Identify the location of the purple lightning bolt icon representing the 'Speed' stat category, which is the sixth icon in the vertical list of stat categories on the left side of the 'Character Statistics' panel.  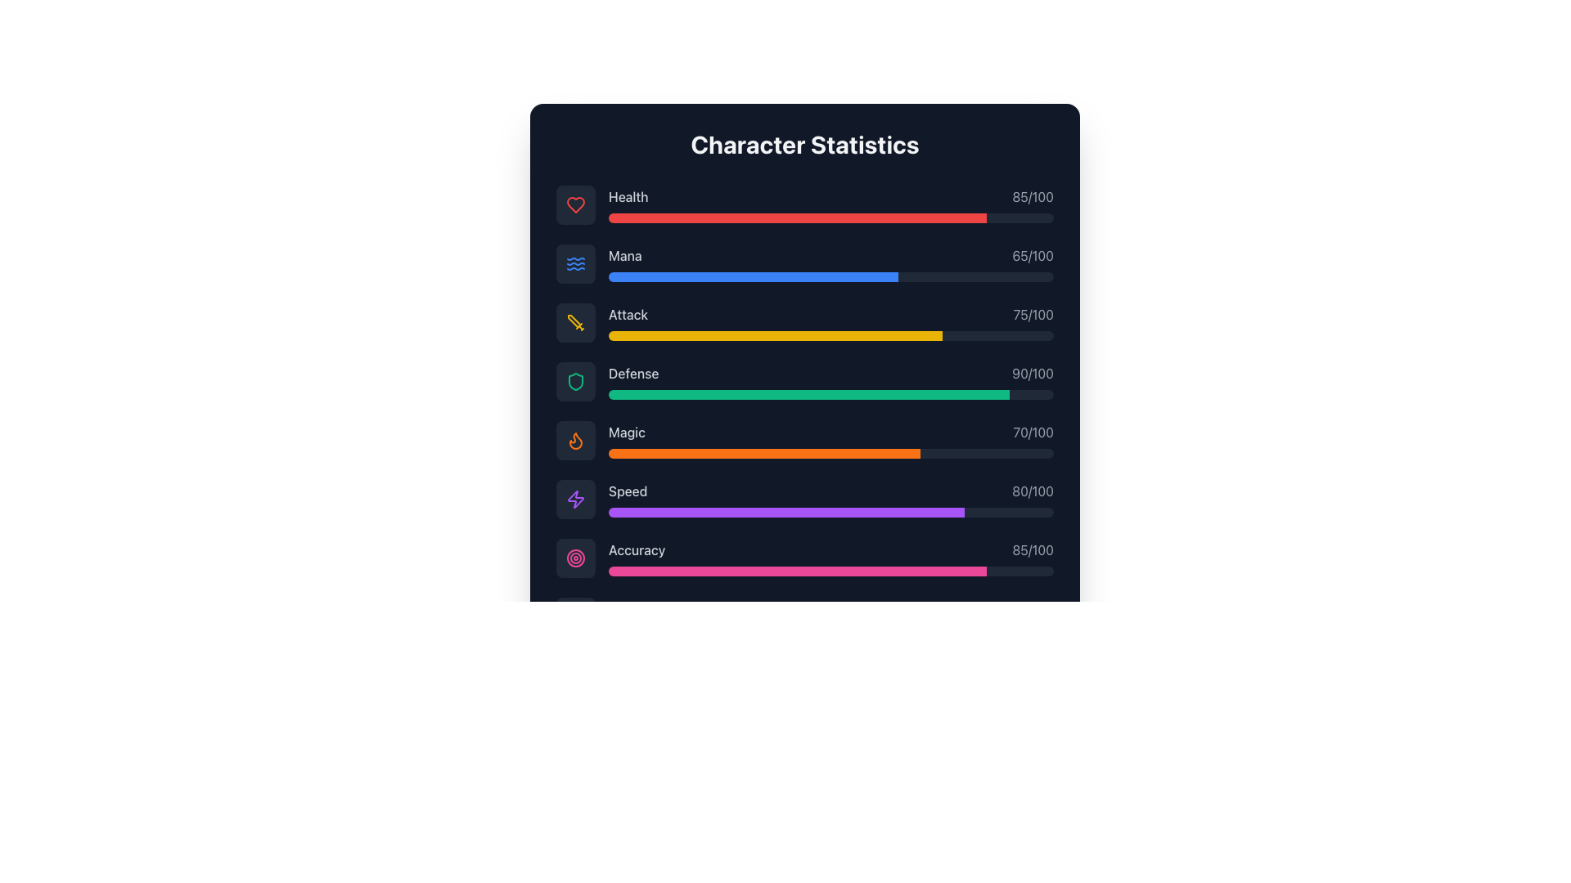
(576, 498).